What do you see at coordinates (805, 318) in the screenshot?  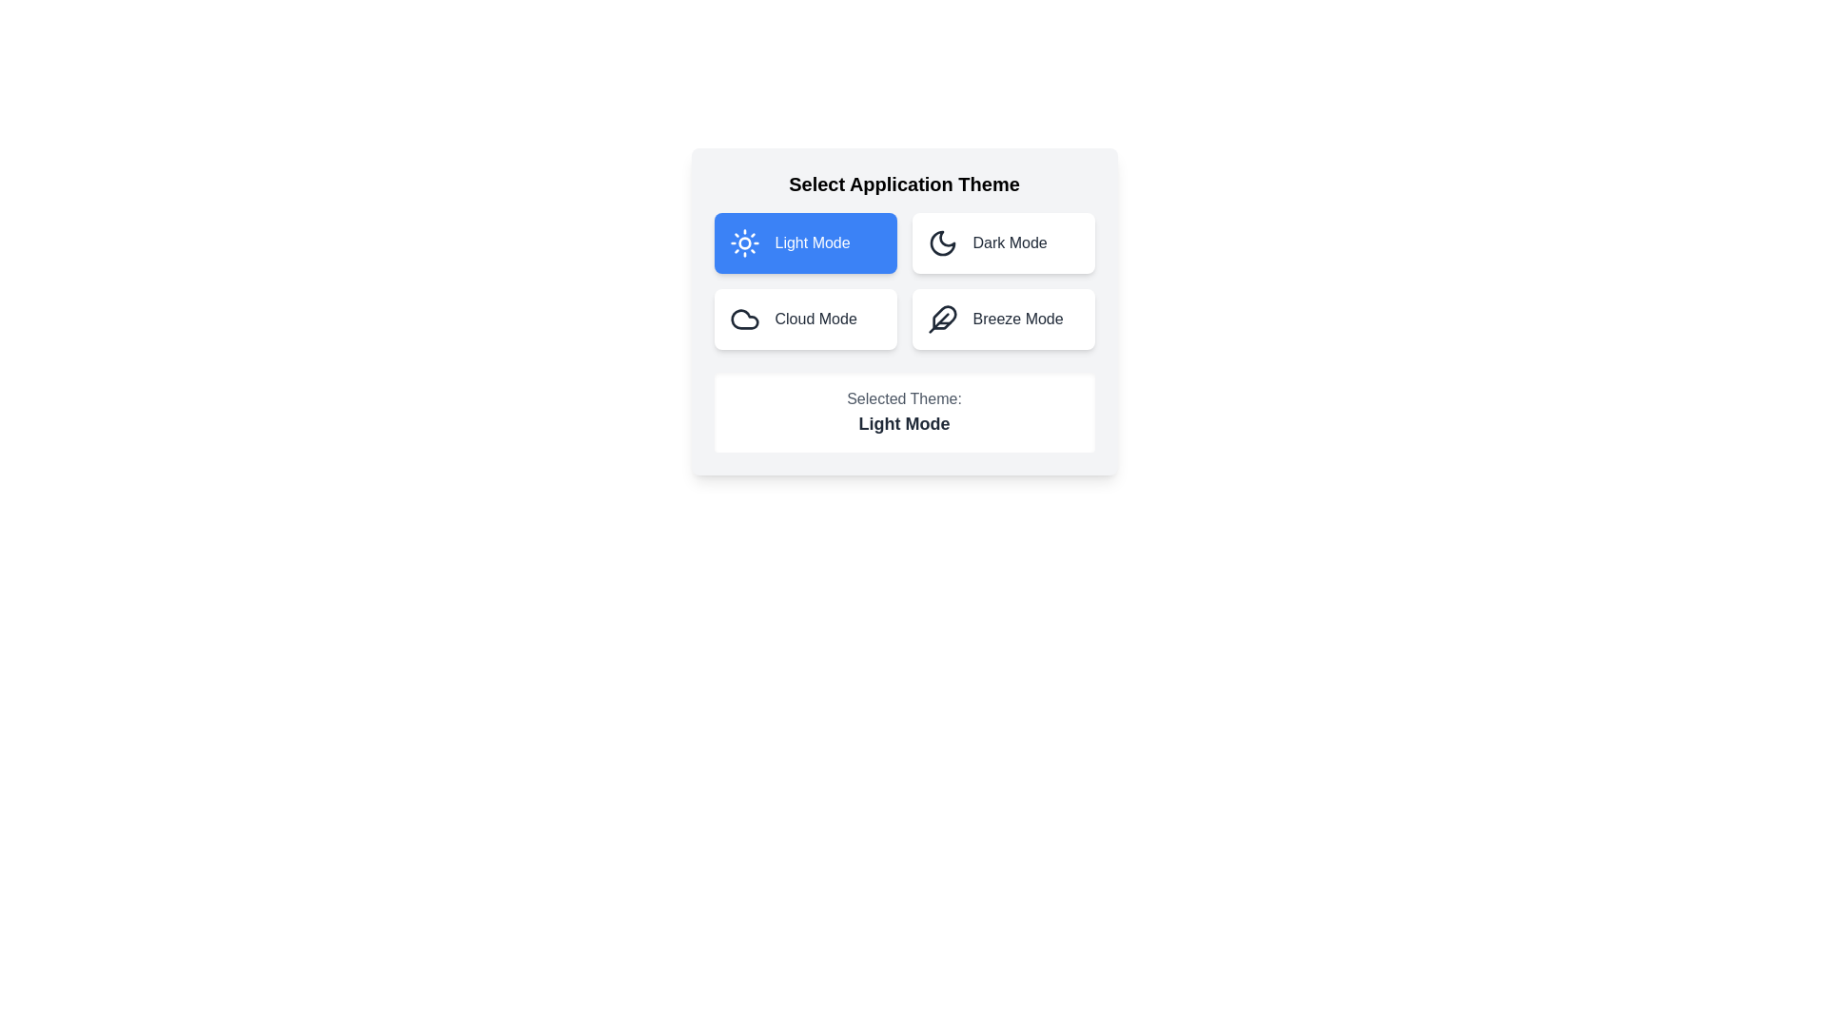 I see `the theme by clicking on the button corresponding to Cloud Mode` at bounding box center [805, 318].